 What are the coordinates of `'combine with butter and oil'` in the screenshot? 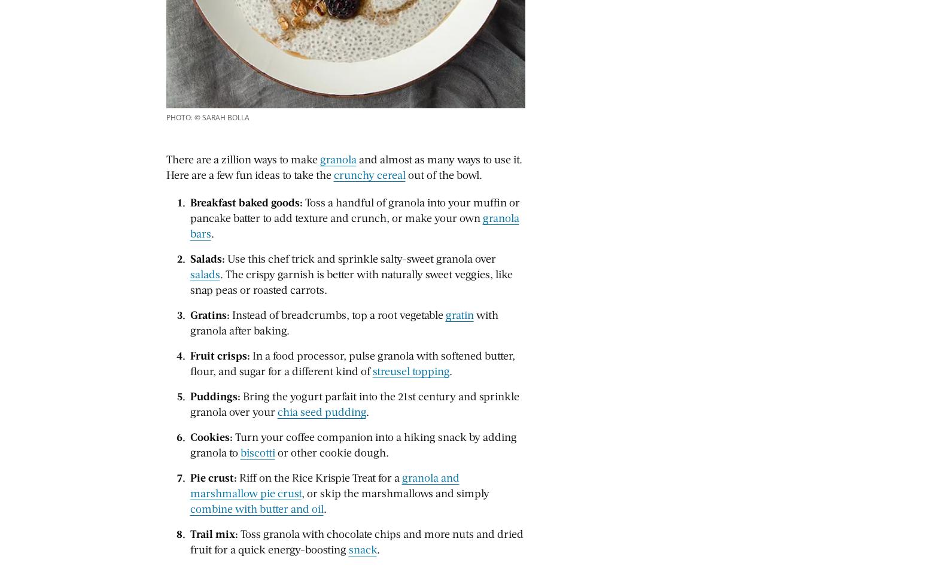 It's located at (255, 508).